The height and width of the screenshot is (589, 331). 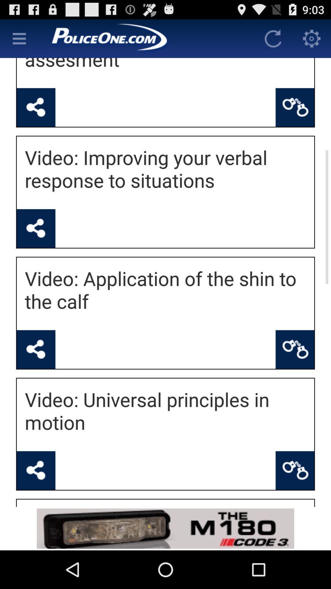 What do you see at coordinates (146, 38) in the screenshot?
I see `home page` at bounding box center [146, 38].